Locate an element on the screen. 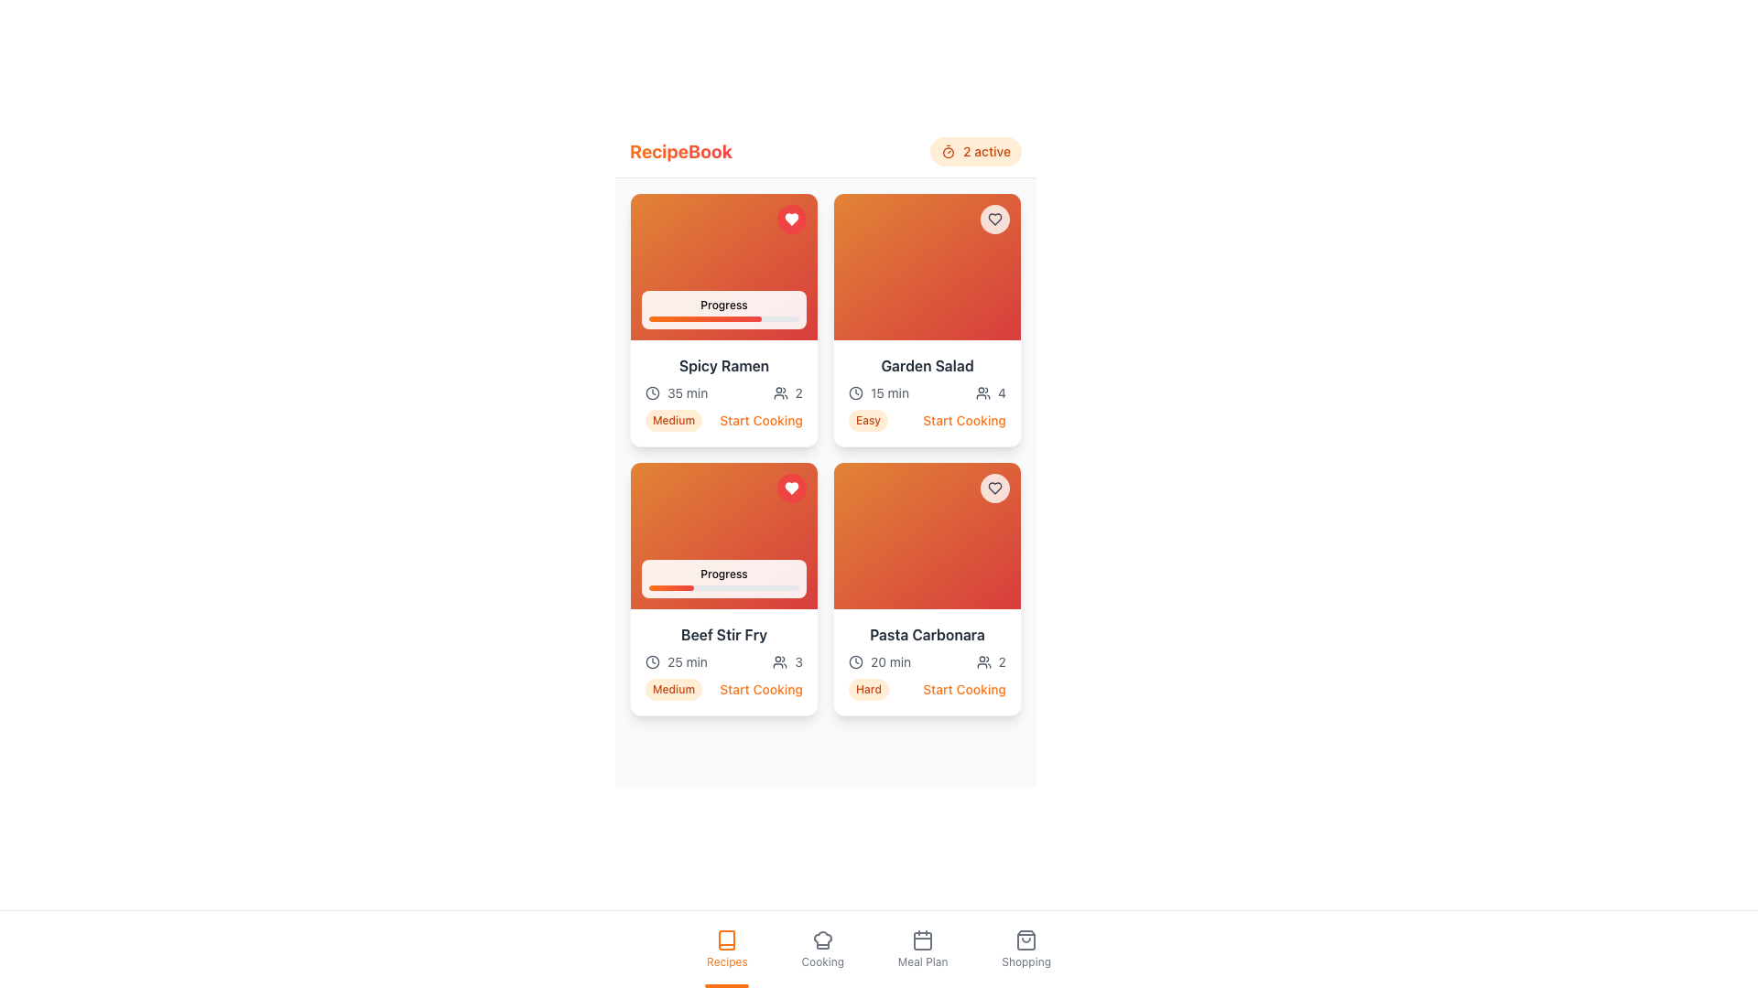  the 'Start Cooking' button, which is part of a Composite component consisting of a badge labeled 'Medium' and the button itself, located at the bottom of the first card below the 'Spicy Ramen' title is located at coordinates (723, 420).